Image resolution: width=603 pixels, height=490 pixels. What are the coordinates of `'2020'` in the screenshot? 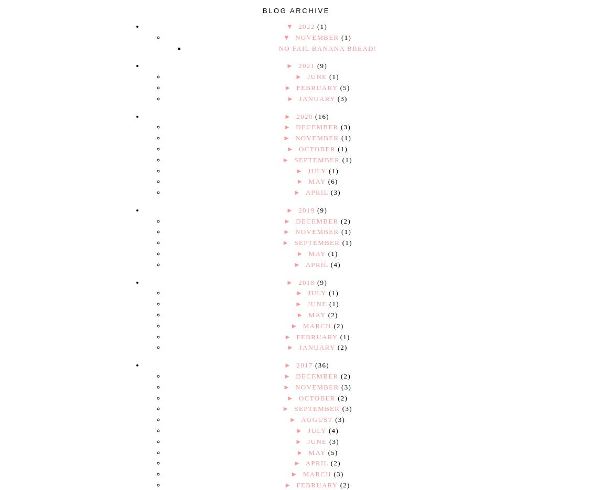 It's located at (305, 116).